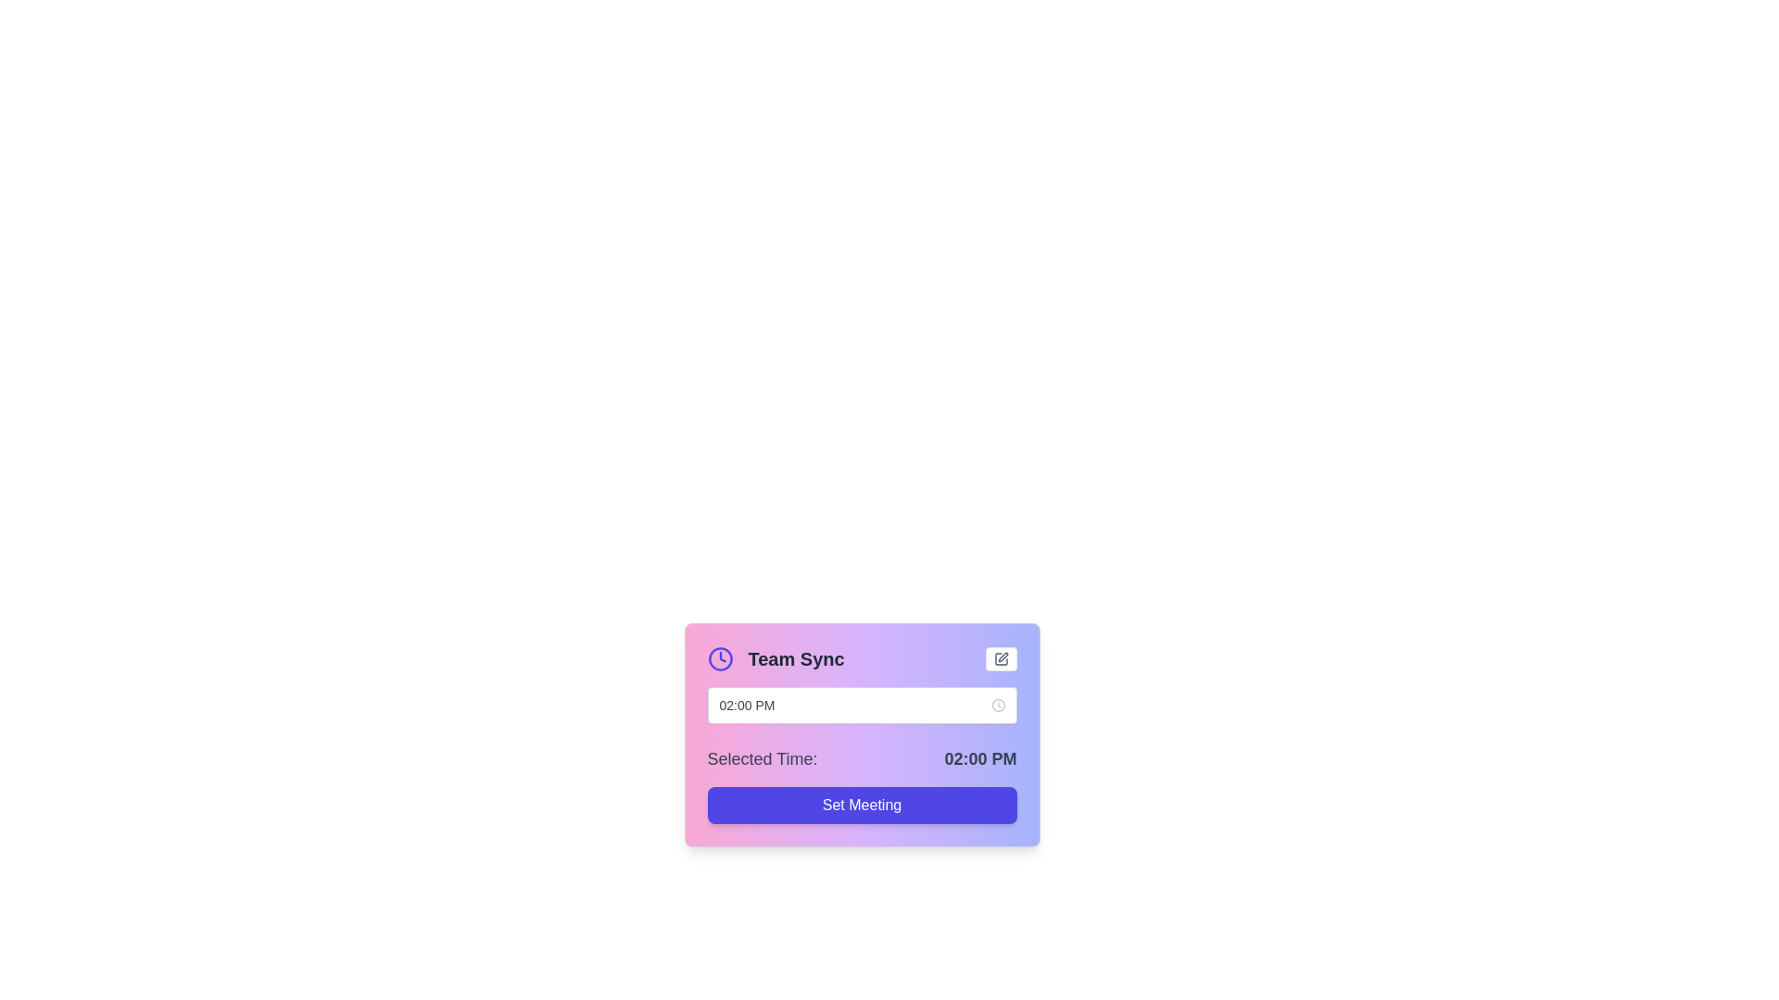  Describe the element at coordinates (796, 658) in the screenshot. I see `the header text element that serves as a title, located next to the left-aligned clock icon and above the text input field` at that location.